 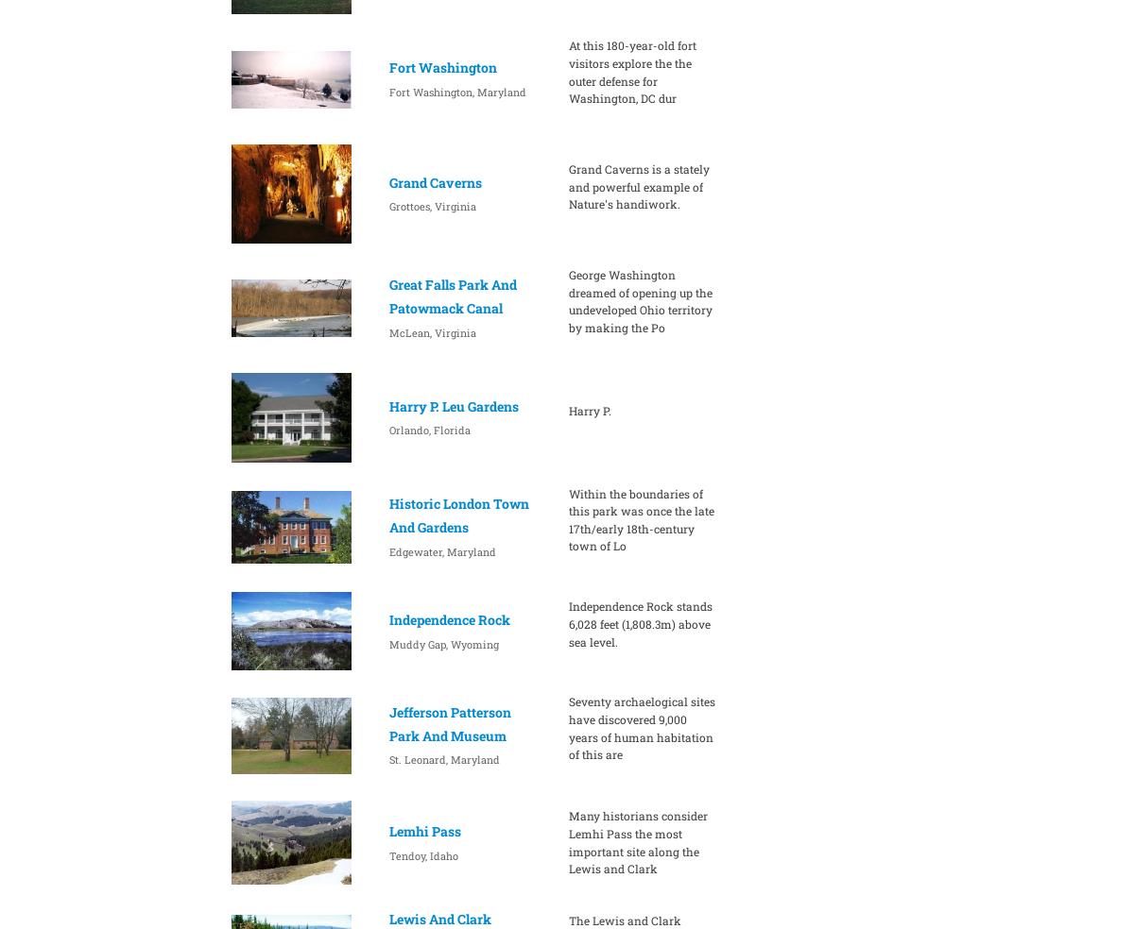 I want to click on 'Grottoes, Virginia', so click(x=430, y=206).